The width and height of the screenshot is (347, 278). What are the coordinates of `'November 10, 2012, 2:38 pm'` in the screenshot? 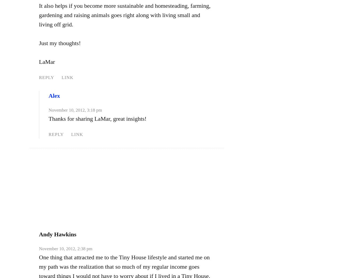 It's located at (65, 248).